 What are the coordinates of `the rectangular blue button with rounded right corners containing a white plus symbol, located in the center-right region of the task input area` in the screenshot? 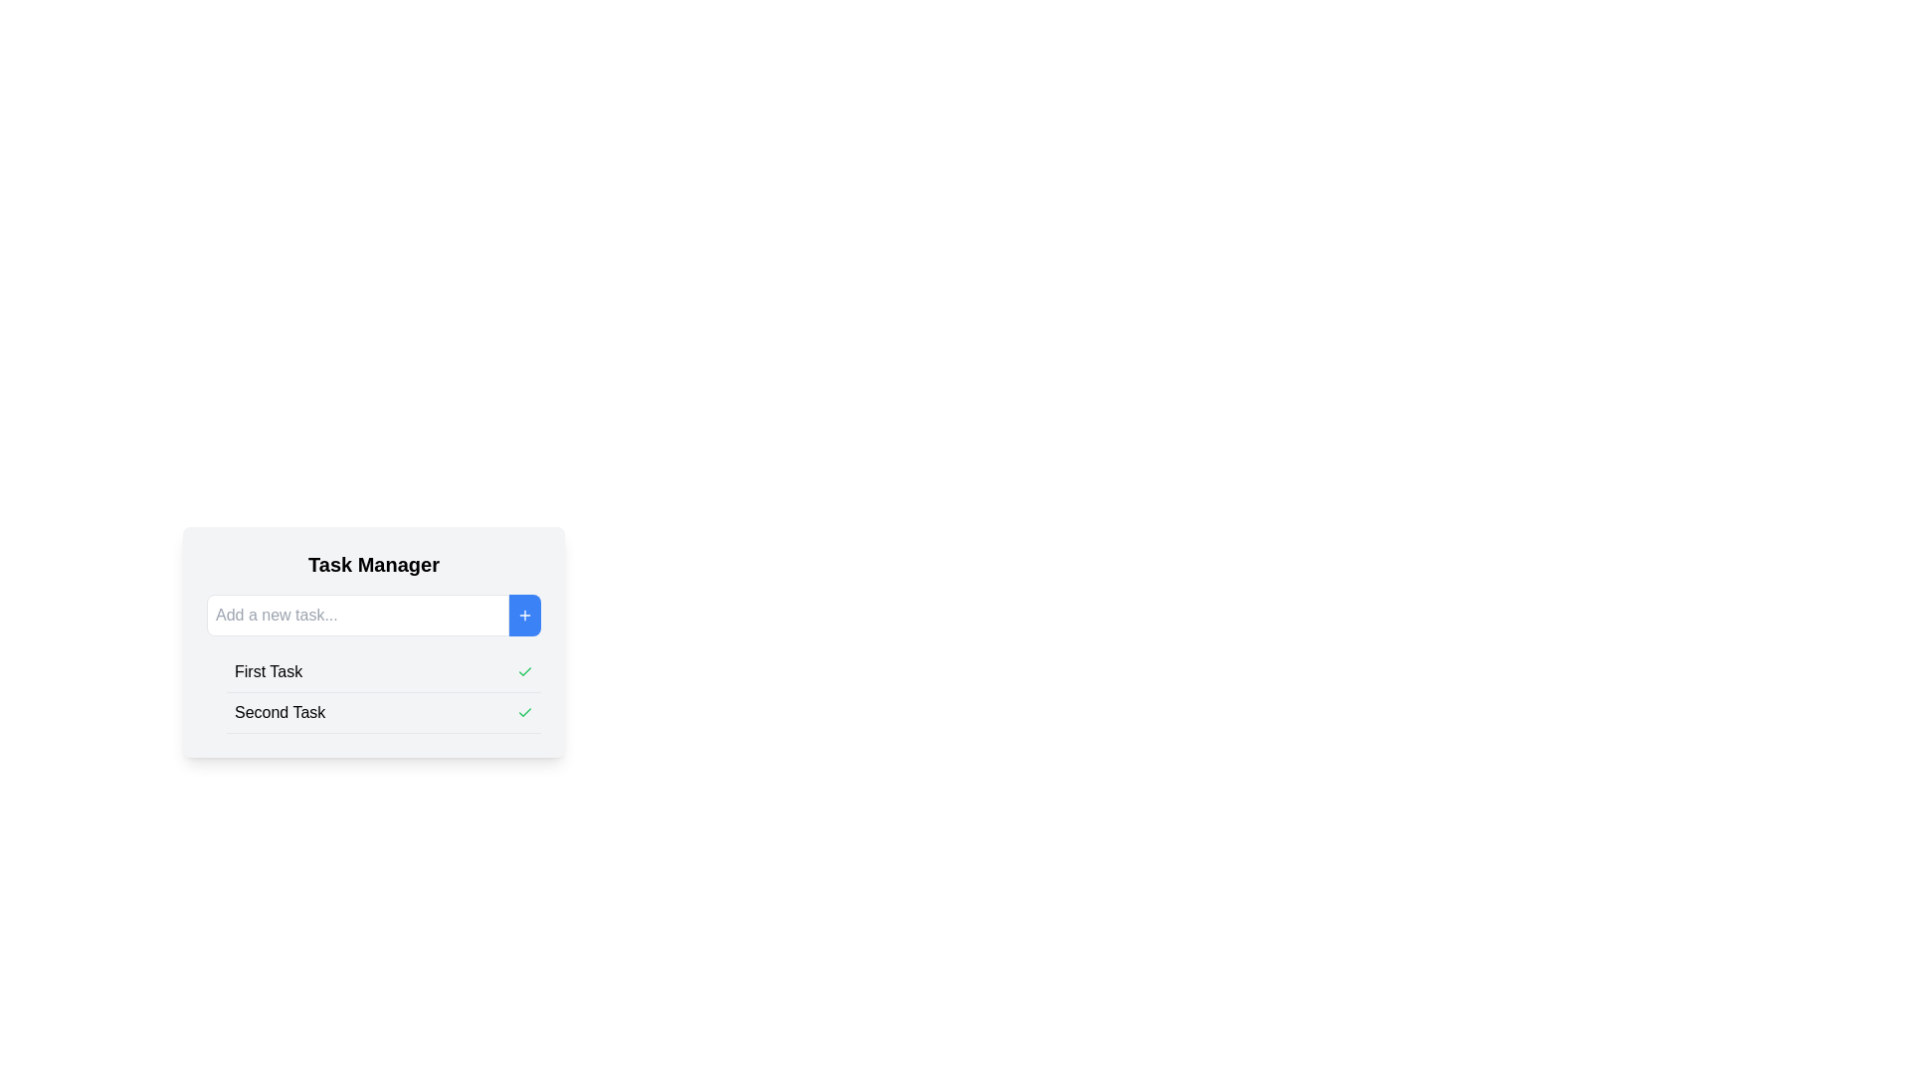 It's located at (525, 614).